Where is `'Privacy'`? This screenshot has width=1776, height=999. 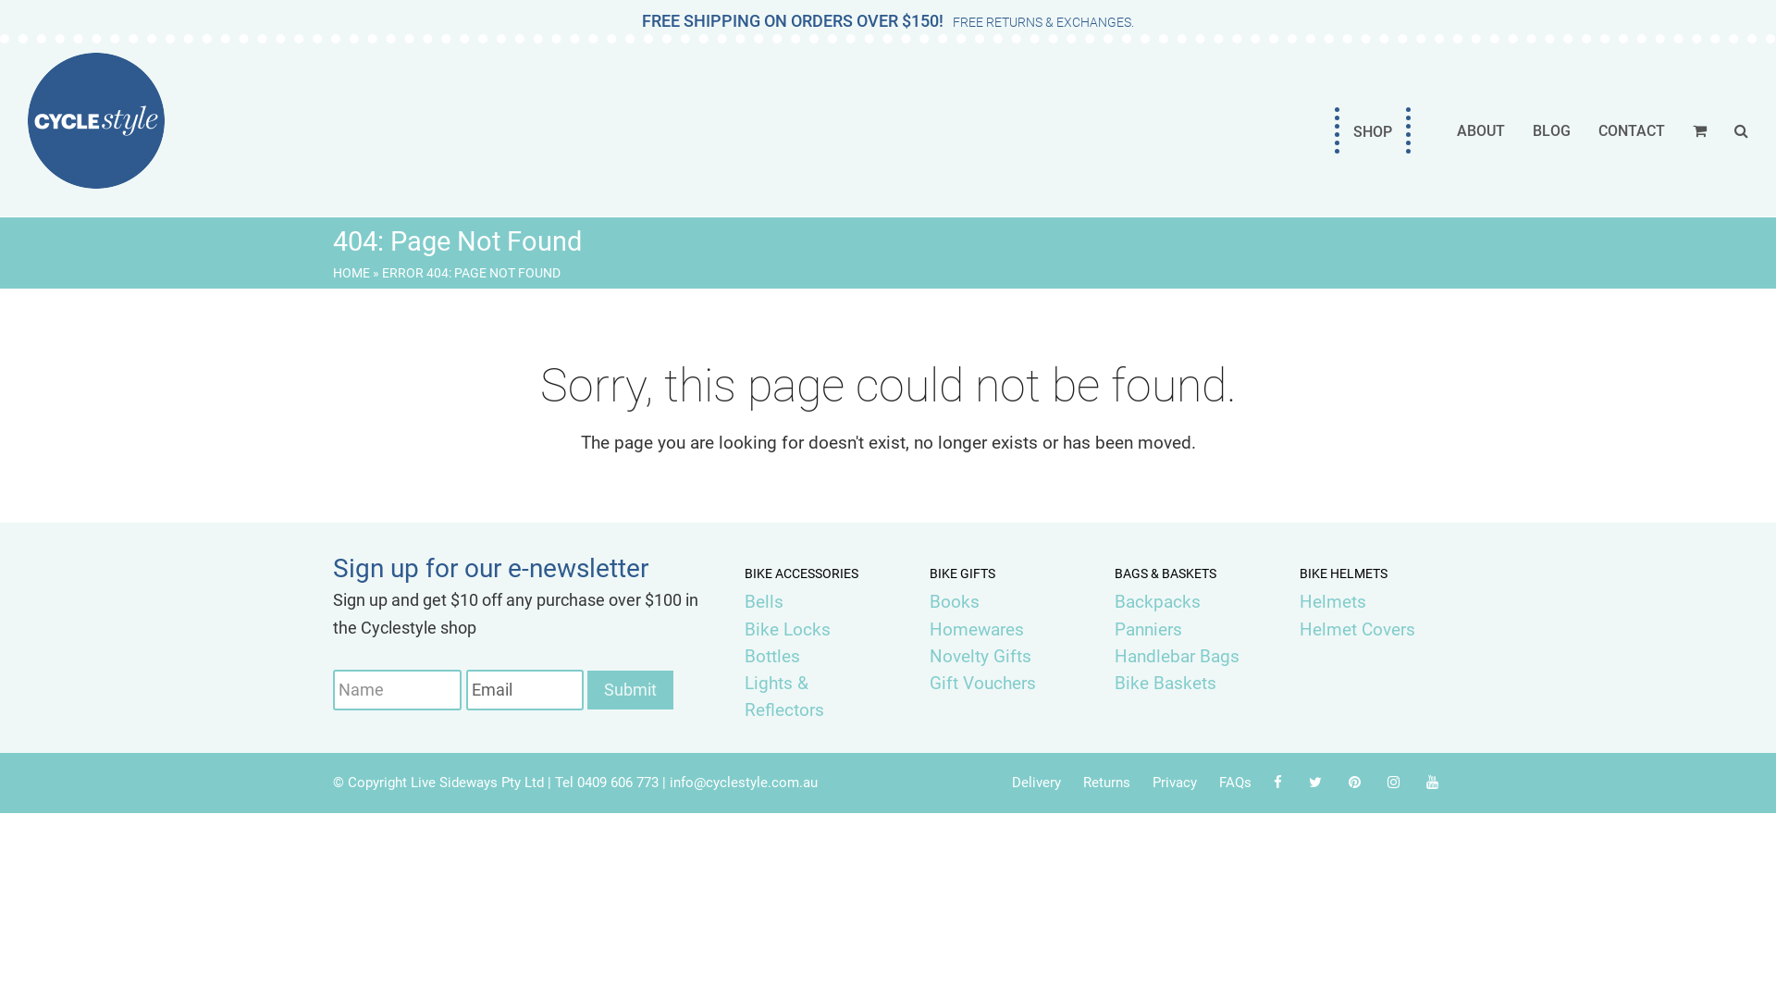
'Privacy' is located at coordinates (1174, 782).